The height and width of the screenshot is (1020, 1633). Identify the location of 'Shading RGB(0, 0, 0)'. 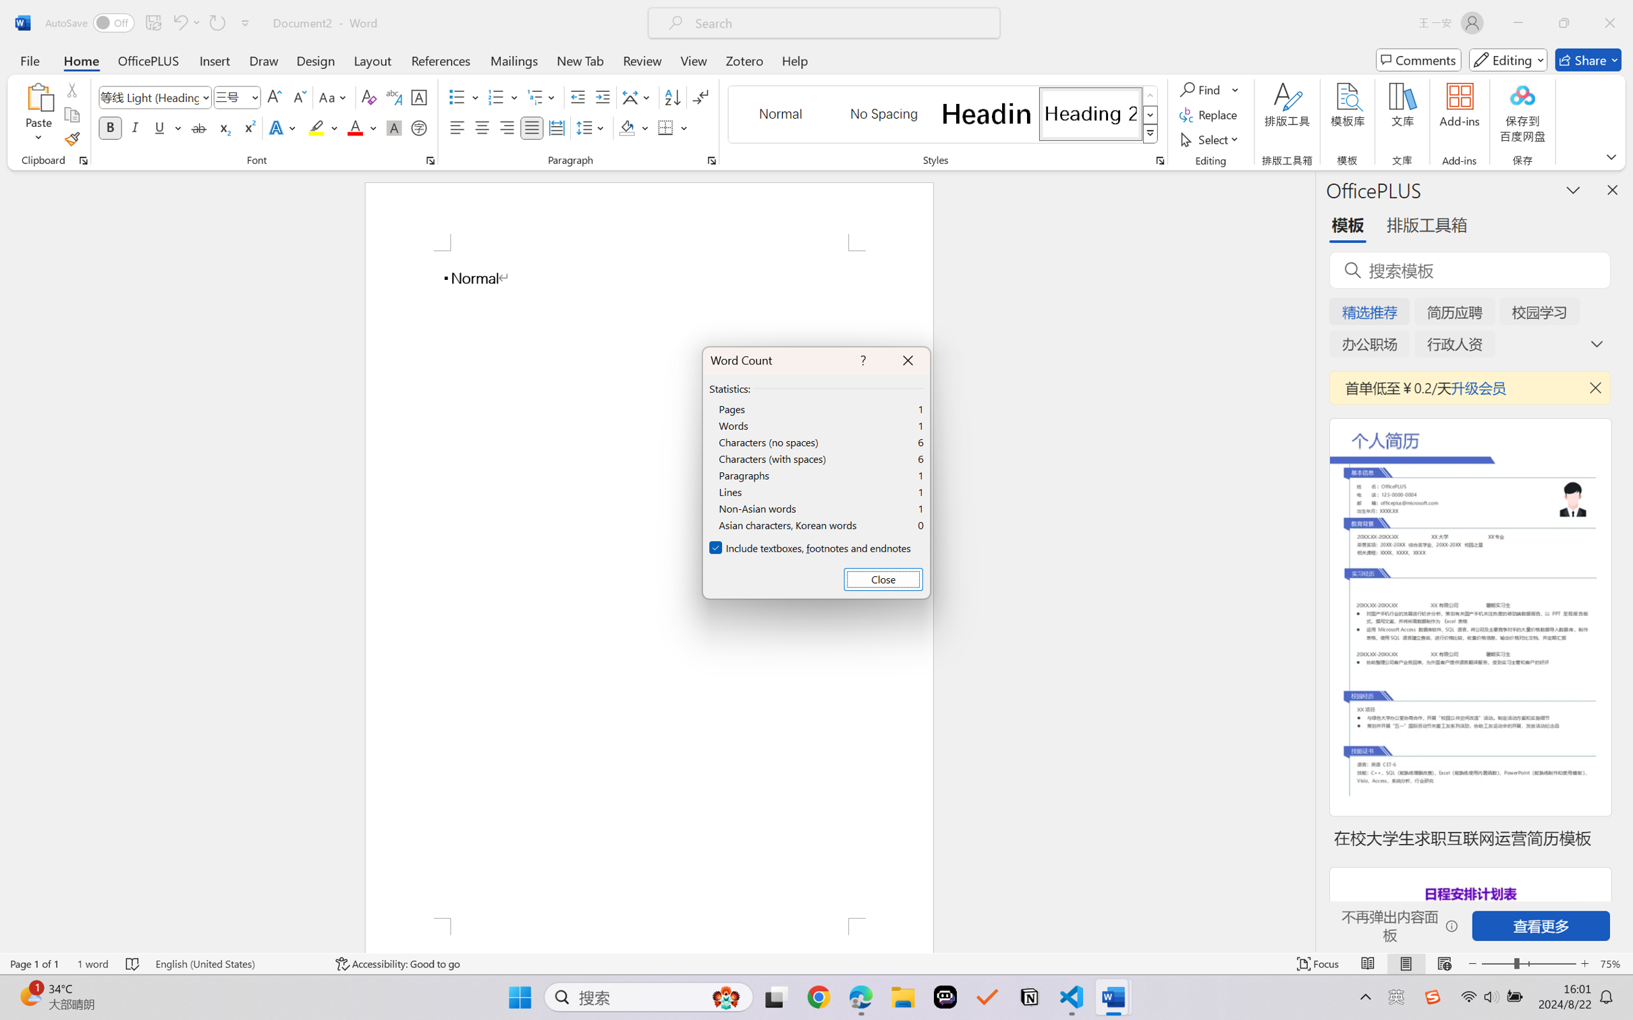
(626, 127).